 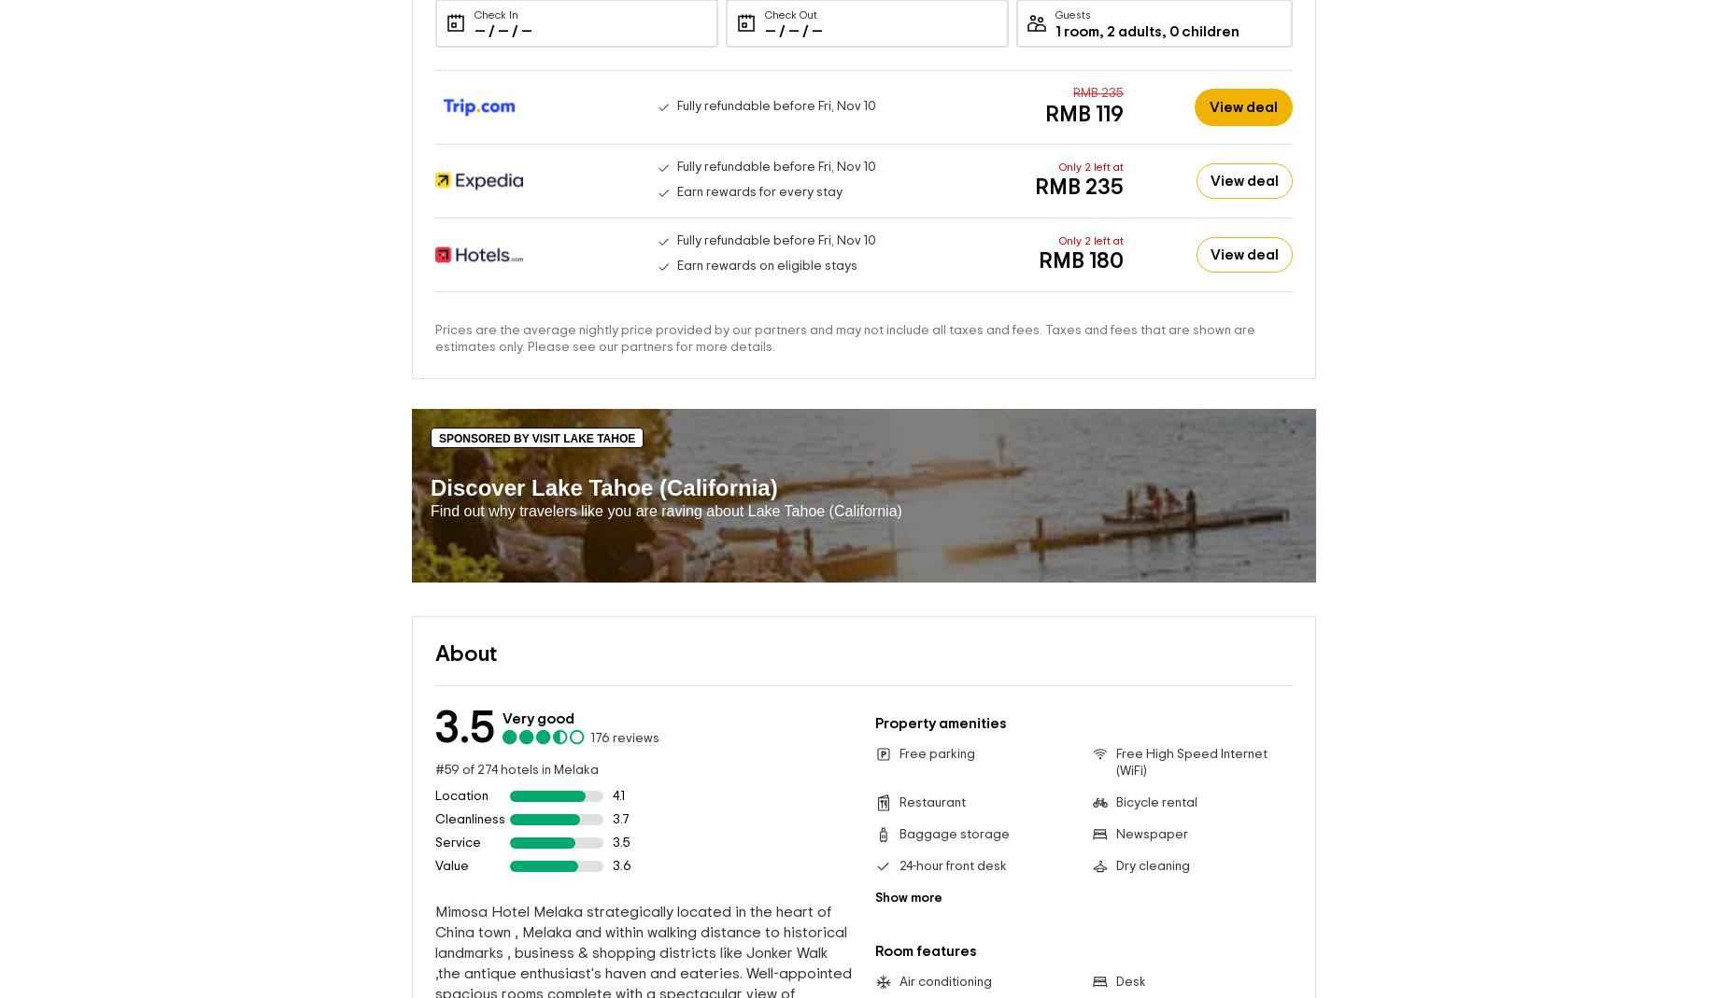 What do you see at coordinates (1129, 982) in the screenshot?
I see `'Desk'` at bounding box center [1129, 982].